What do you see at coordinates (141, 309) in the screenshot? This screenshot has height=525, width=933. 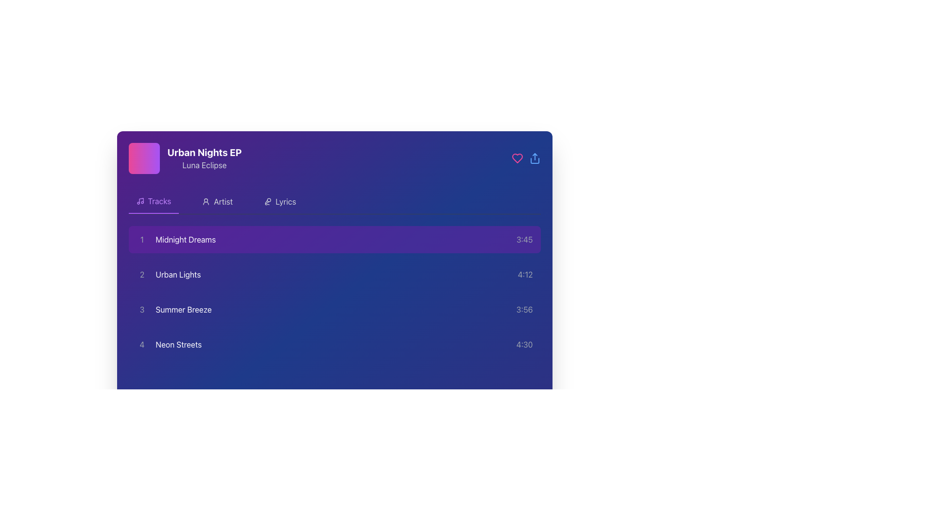 I see `displayed numeral '3' which indicates the index number for the track 'Summer Breeze' in the music list` at bounding box center [141, 309].